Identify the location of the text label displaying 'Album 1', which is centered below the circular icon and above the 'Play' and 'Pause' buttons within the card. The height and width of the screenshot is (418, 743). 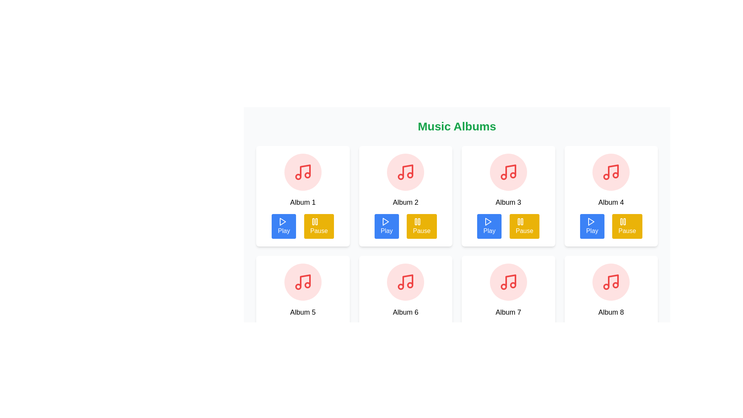
(302, 202).